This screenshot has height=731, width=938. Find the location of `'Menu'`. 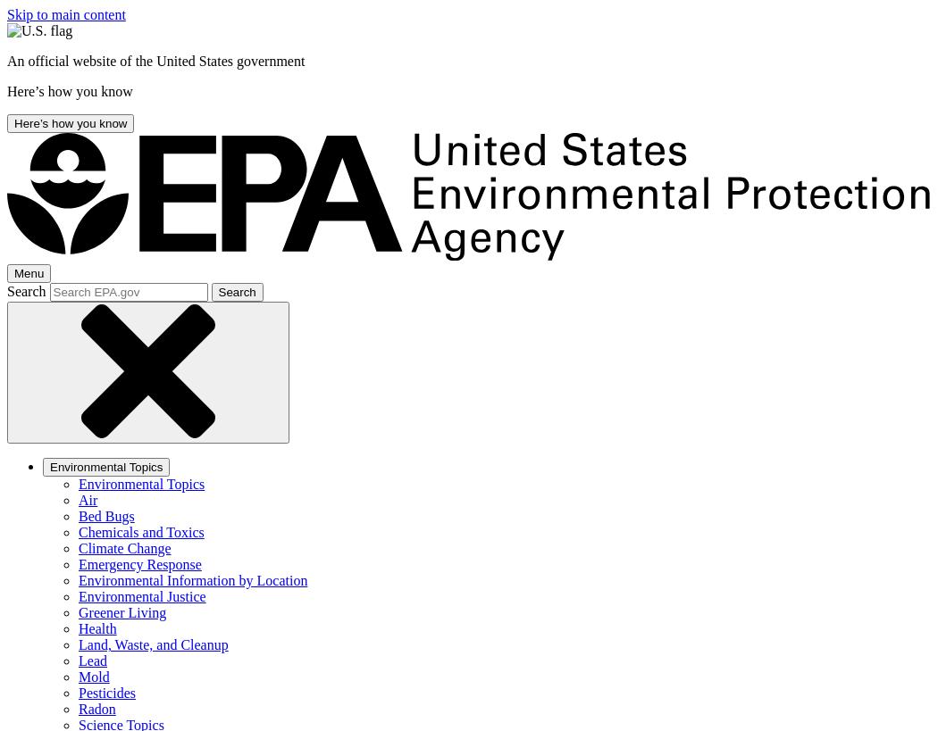

'Menu' is located at coordinates (29, 273).